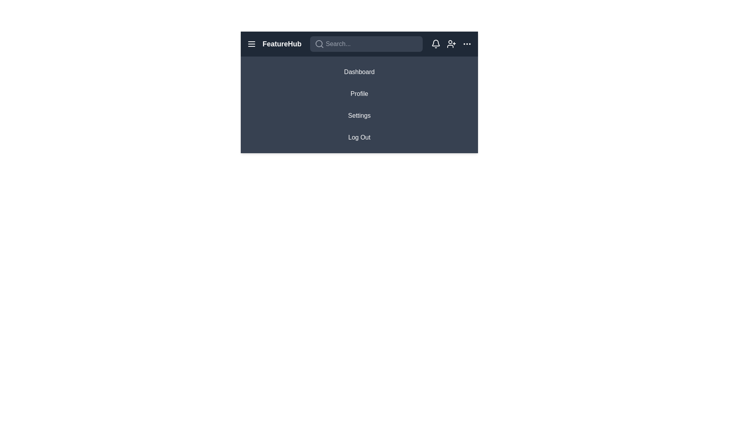 This screenshot has height=421, width=748. What do you see at coordinates (366, 44) in the screenshot?
I see `the search input field styled with a rounded rectangle shape and a dark background by tabbing to it` at bounding box center [366, 44].